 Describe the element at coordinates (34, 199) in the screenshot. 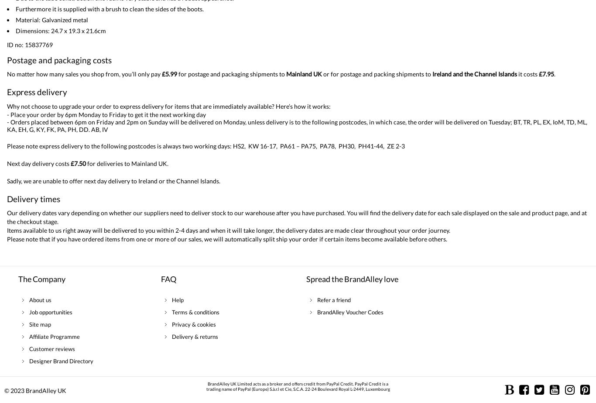

I see `'Delivery times'` at that location.